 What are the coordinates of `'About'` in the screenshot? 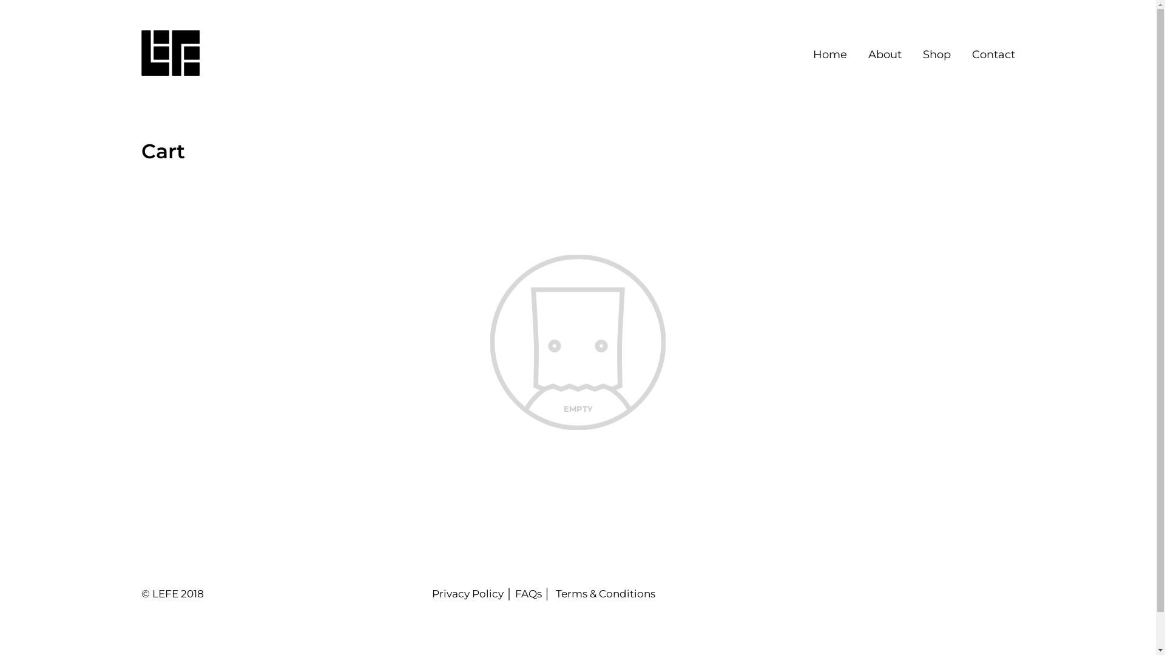 It's located at (884, 53).